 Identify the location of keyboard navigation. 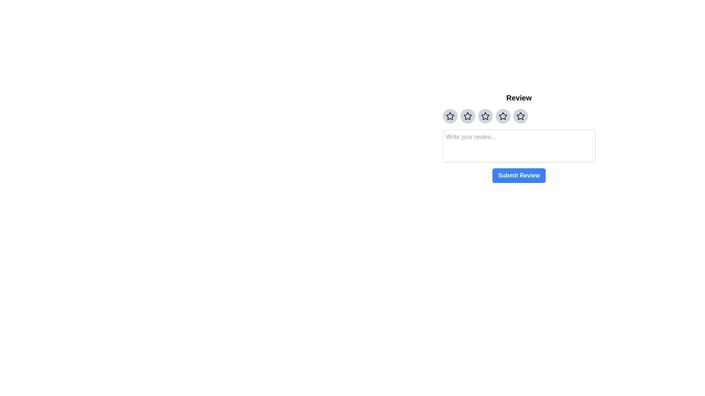
(449, 115).